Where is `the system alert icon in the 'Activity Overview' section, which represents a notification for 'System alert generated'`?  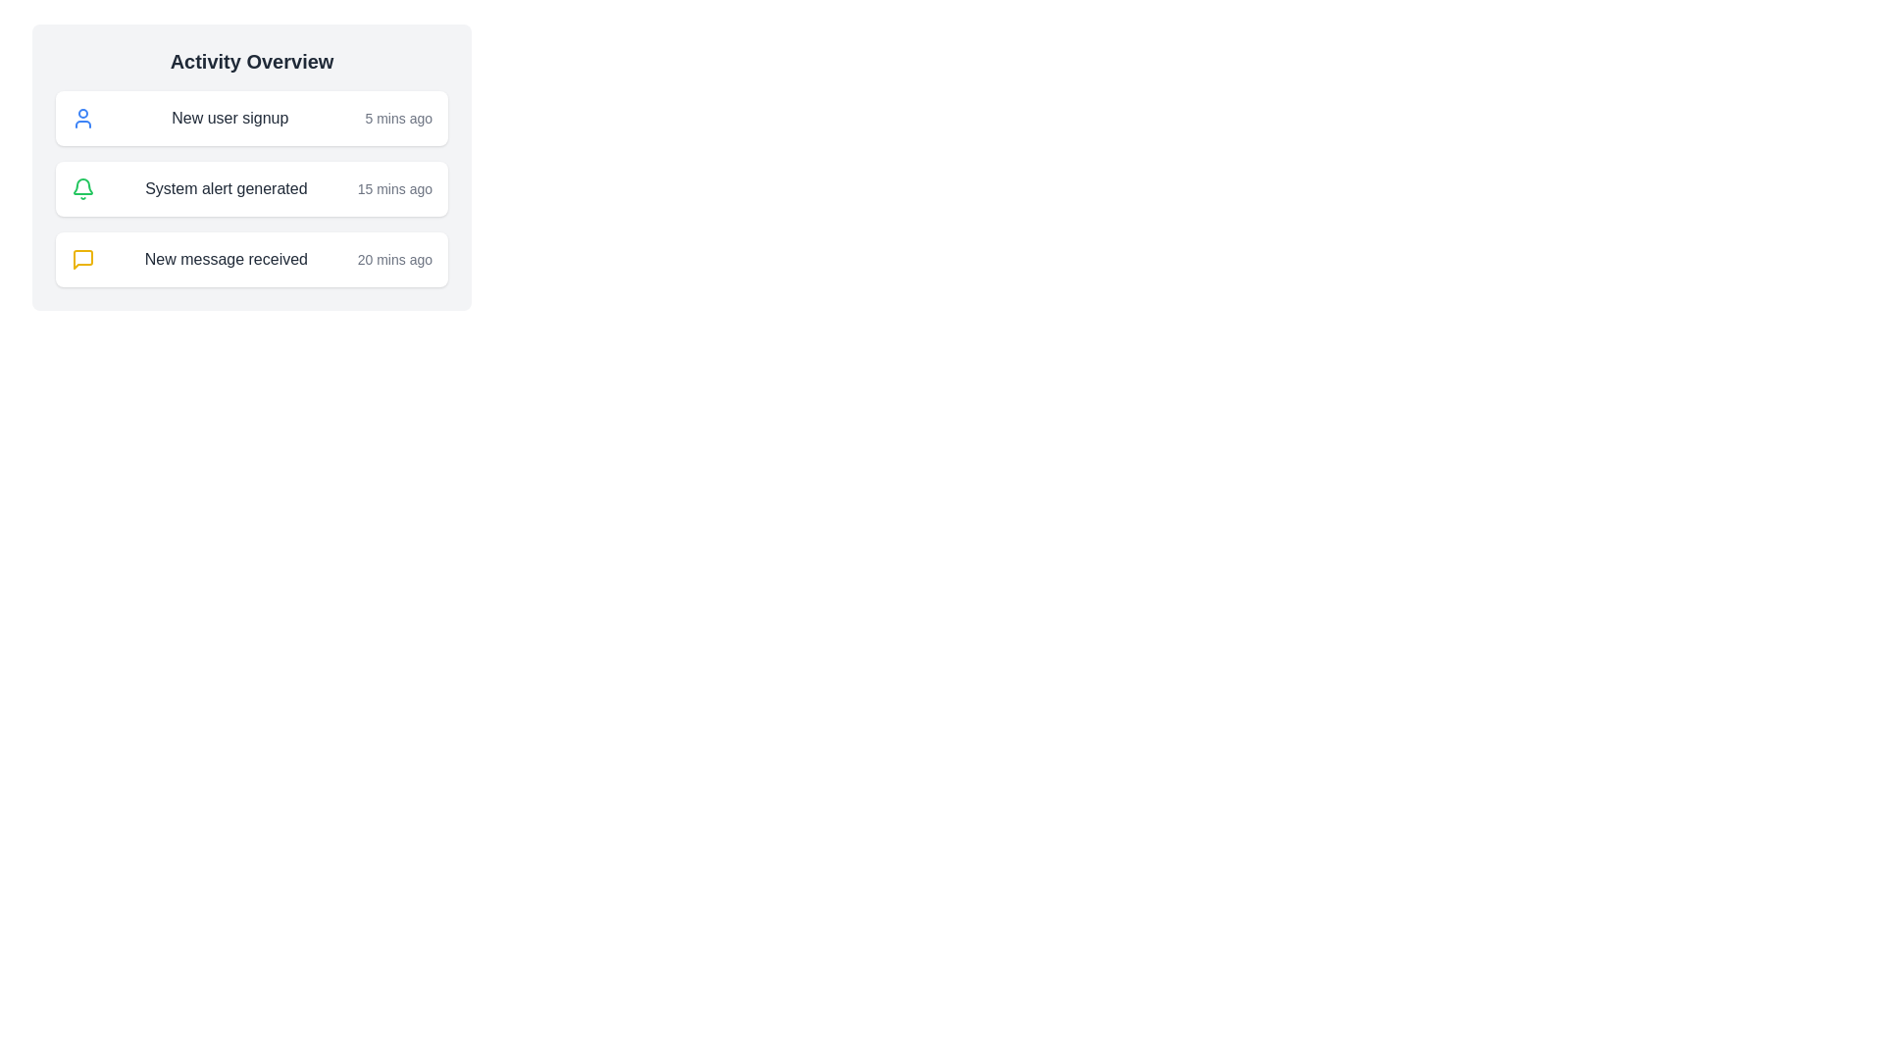
the system alert icon in the 'Activity Overview' section, which represents a notification for 'System alert generated' is located at coordinates (82, 186).